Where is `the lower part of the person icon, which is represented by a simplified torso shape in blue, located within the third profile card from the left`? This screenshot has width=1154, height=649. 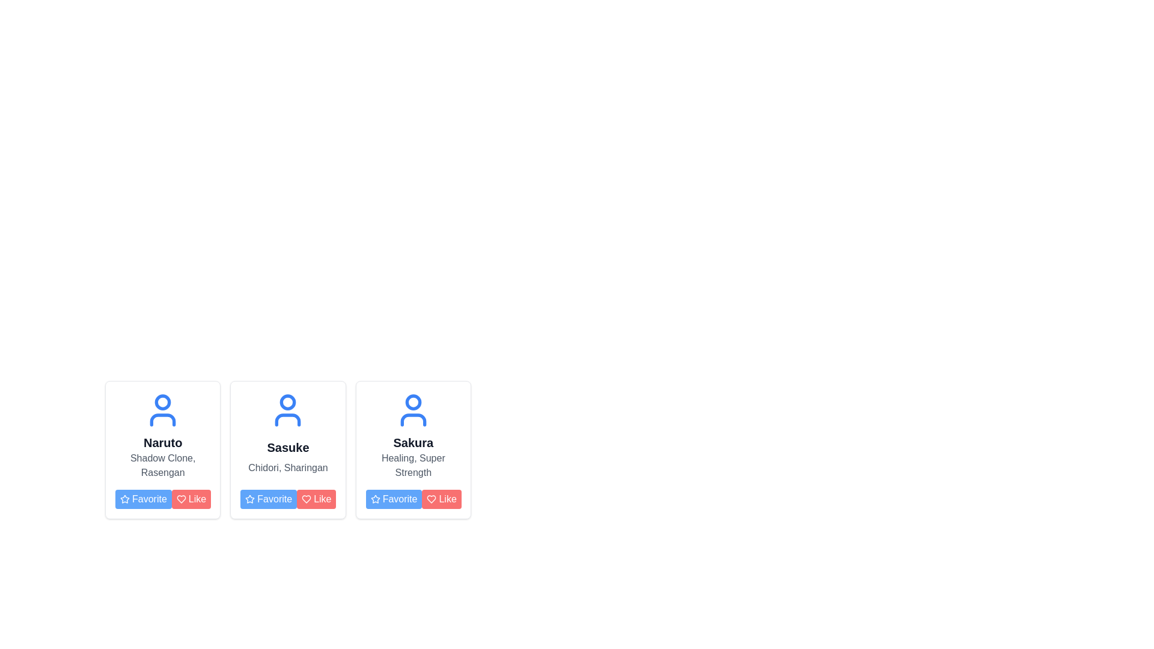 the lower part of the person icon, which is represented by a simplified torso shape in blue, located within the third profile card from the left is located at coordinates (413, 419).